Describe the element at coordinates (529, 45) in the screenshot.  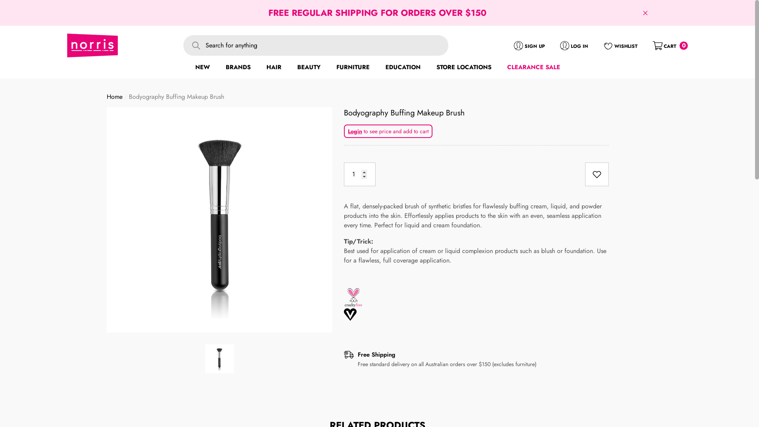
I see `'SIGN UP` at that location.